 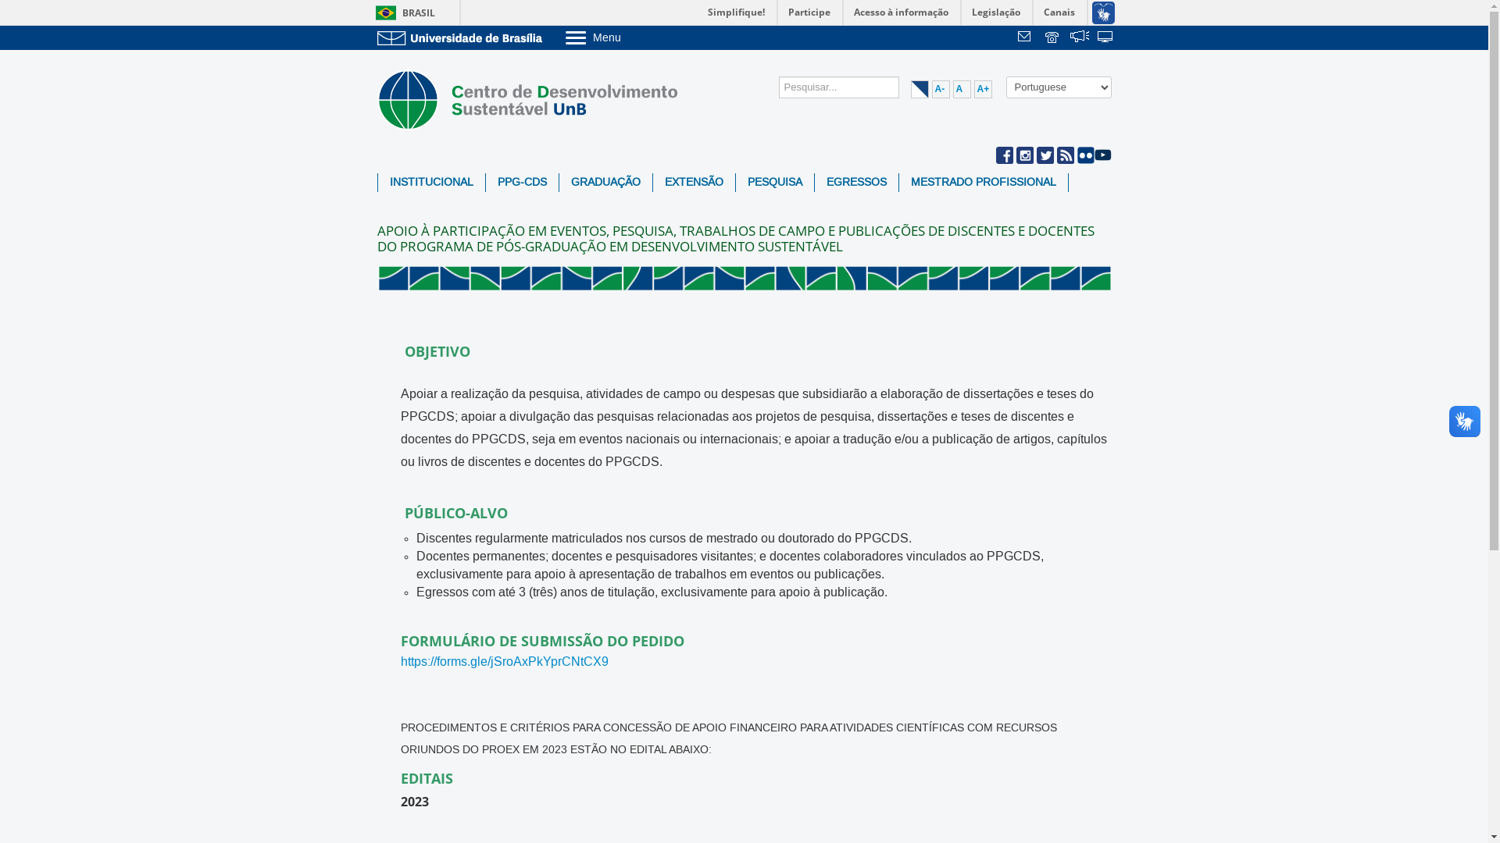 I want to click on 'Sistemas', so click(x=1105, y=37).